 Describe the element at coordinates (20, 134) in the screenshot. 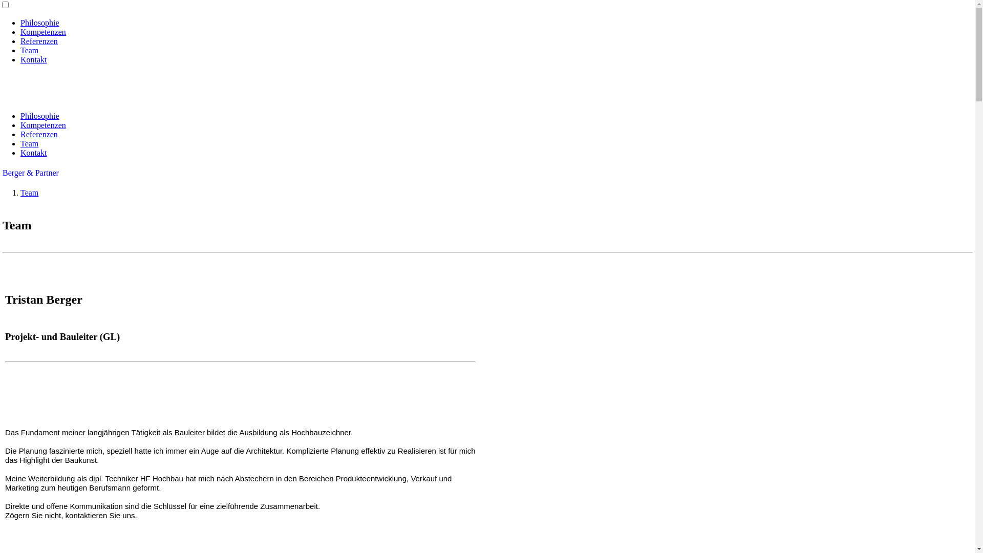

I see `'Referenzen'` at that location.